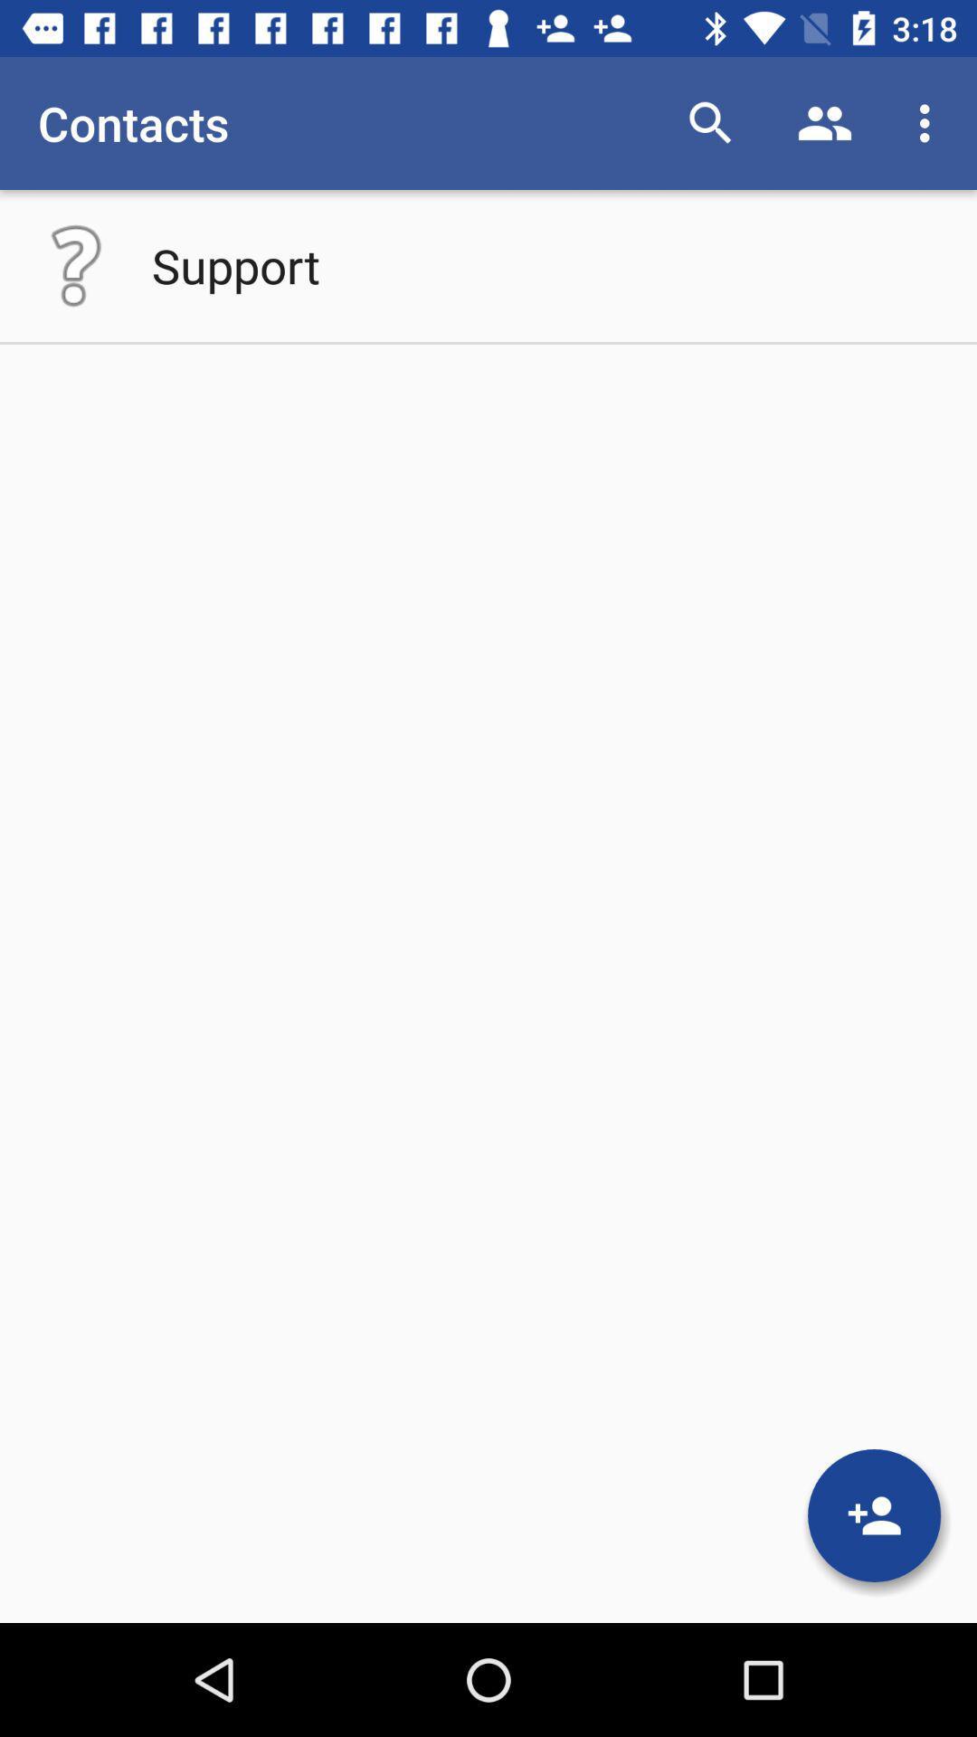 The height and width of the screenshot is (1737, 977). I want to click on the icon to the left of the support item, so click(75, 264).